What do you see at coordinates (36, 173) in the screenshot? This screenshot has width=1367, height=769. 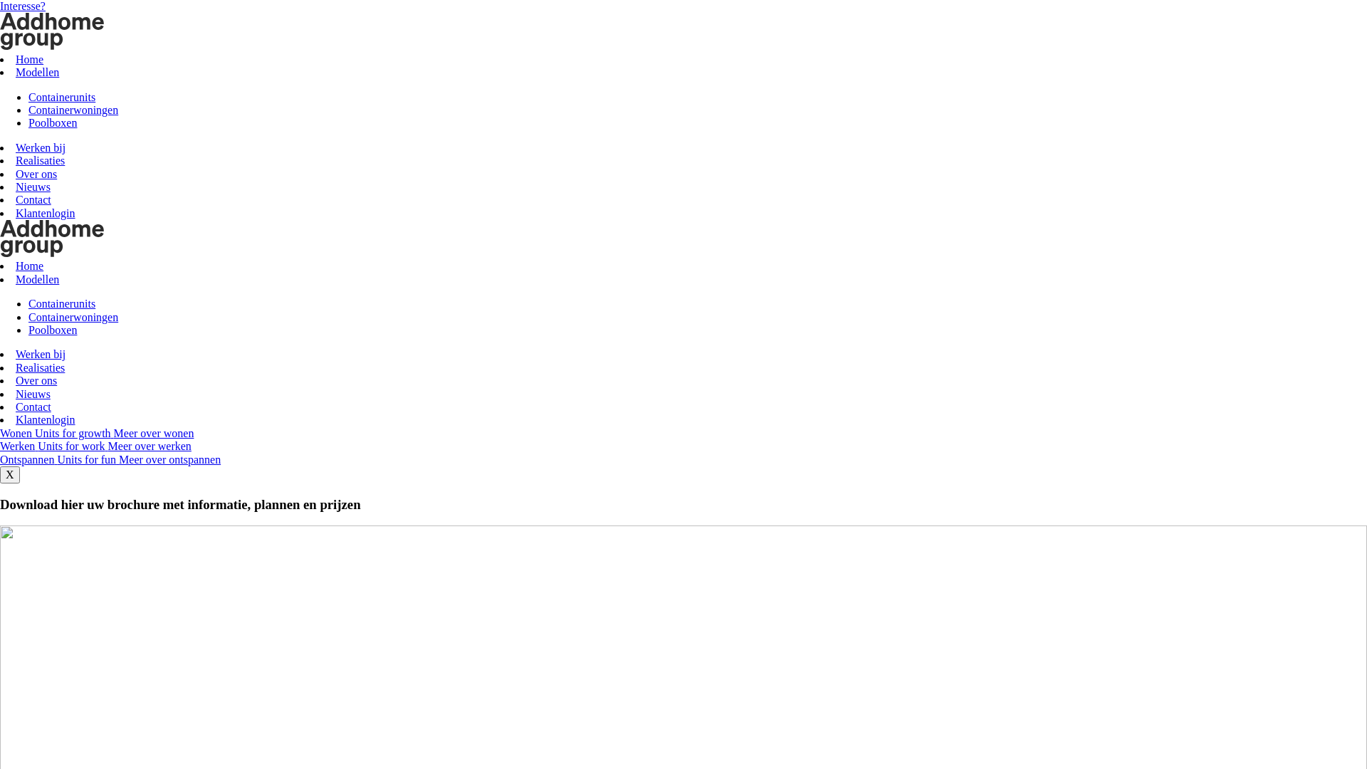 I see `'Over ons'` at bounding box center [36, 173].